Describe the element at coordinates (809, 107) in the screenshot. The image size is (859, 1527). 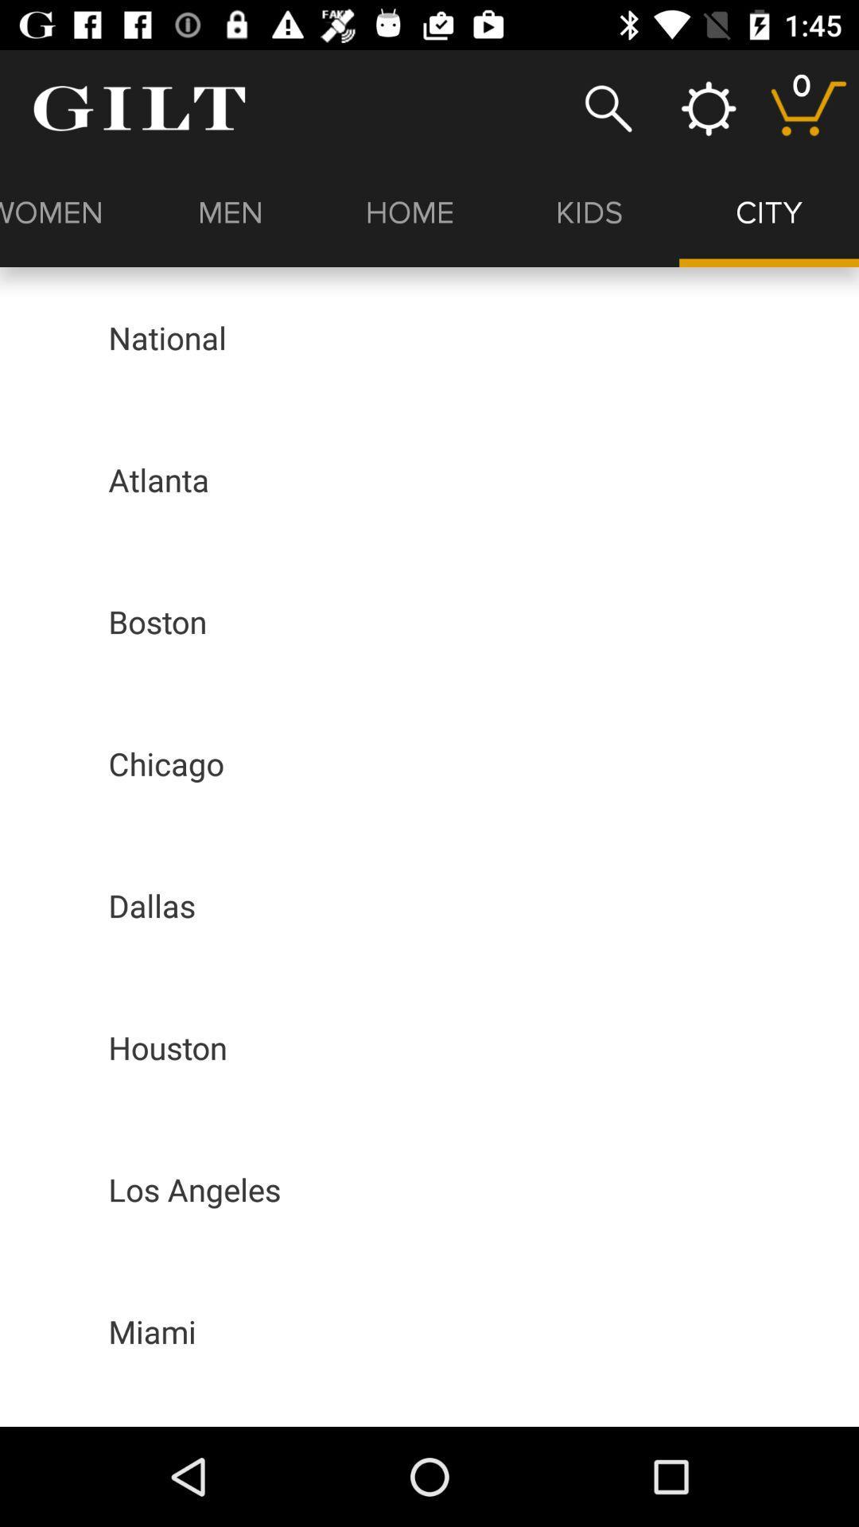
I see `shopping cart see what you 're buying` at that location.